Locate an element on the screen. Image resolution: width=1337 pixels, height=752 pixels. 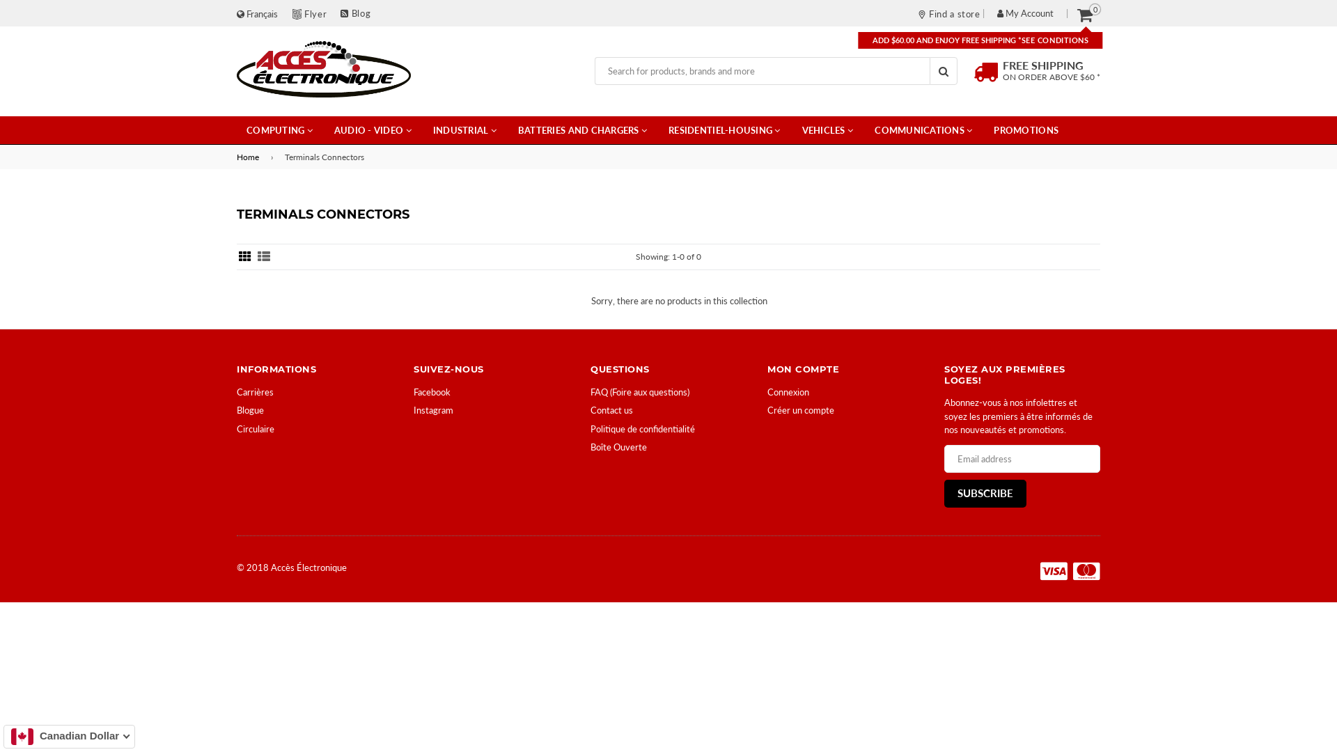
'SEE CONDITIONS' is located at coordinates (1055, 39).